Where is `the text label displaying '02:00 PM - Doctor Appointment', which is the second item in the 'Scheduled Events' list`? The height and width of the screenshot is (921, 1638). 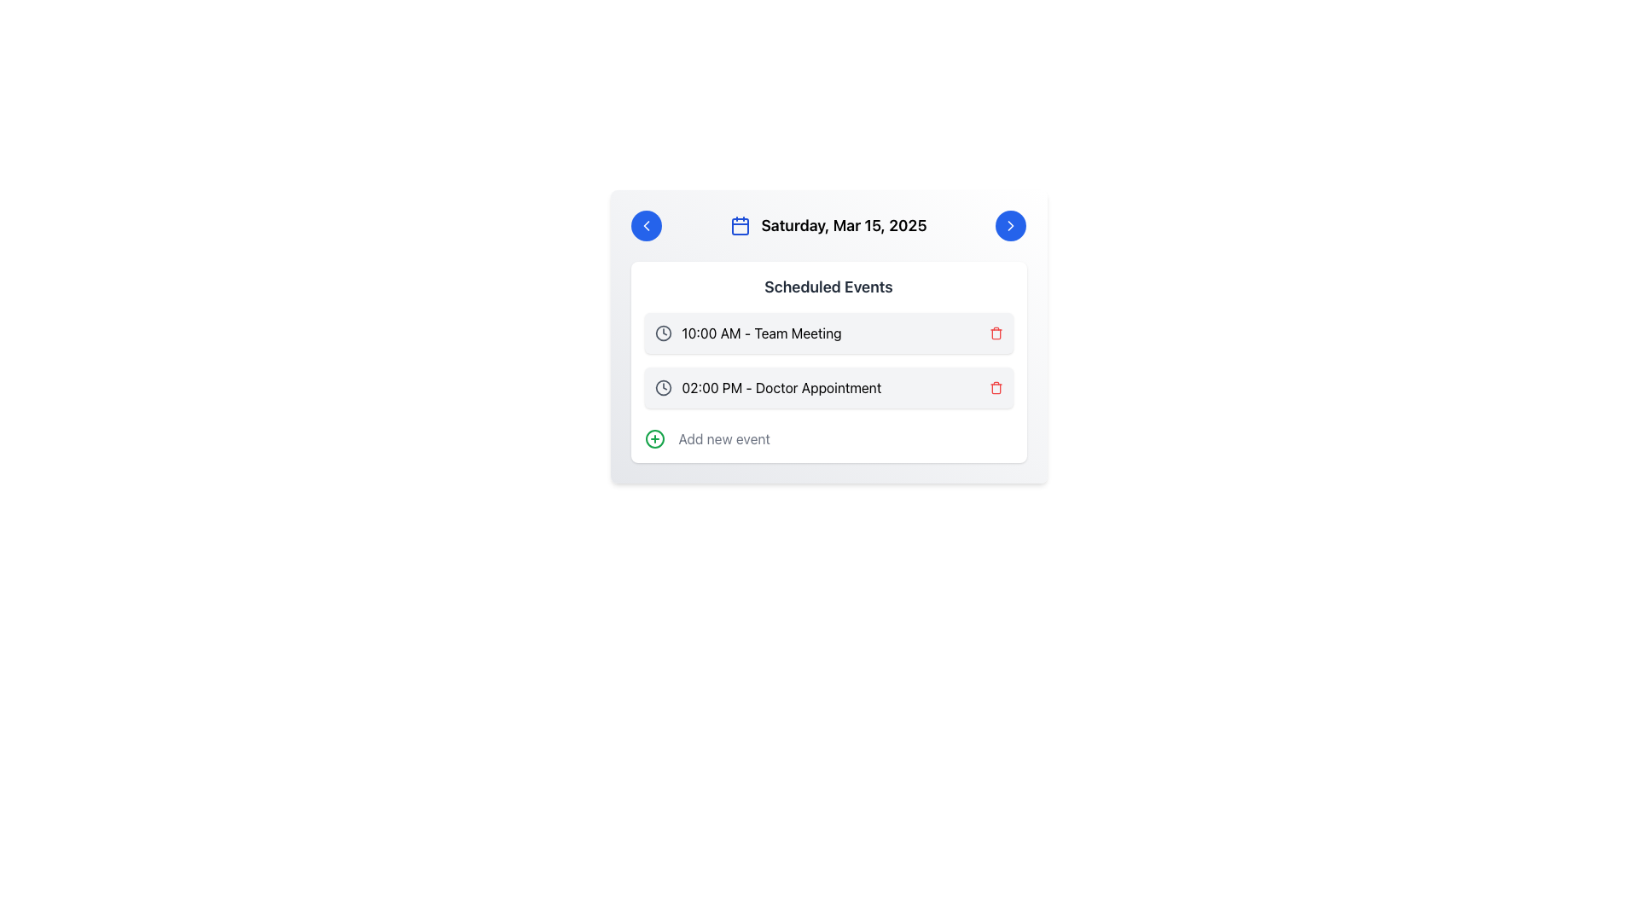
the text label displaying '02:00 PM - Doctor Appointment', which is the second item in the 'Scheduled Events' list is located at coordinates (781, 388).